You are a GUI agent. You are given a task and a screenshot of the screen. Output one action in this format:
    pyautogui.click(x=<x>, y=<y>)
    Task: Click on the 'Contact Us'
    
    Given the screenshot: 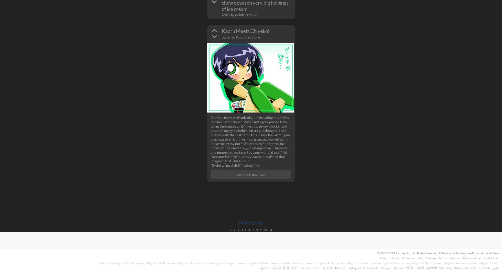 What is the action you would take?
    pyautogui.click(x=490, y=257)
    